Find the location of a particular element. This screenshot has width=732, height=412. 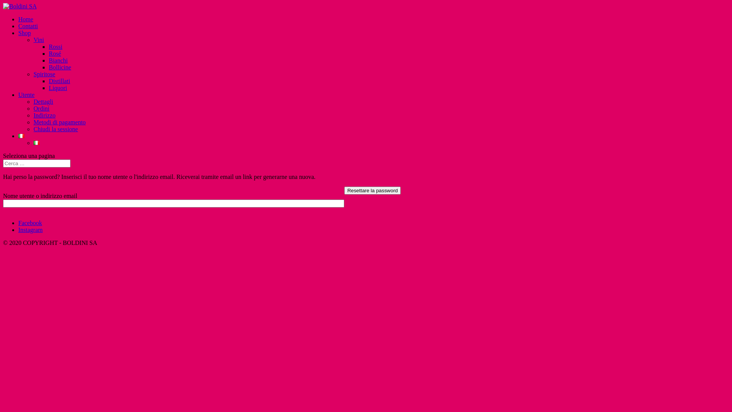

'Rossi' is located at coordinates (55, 47).